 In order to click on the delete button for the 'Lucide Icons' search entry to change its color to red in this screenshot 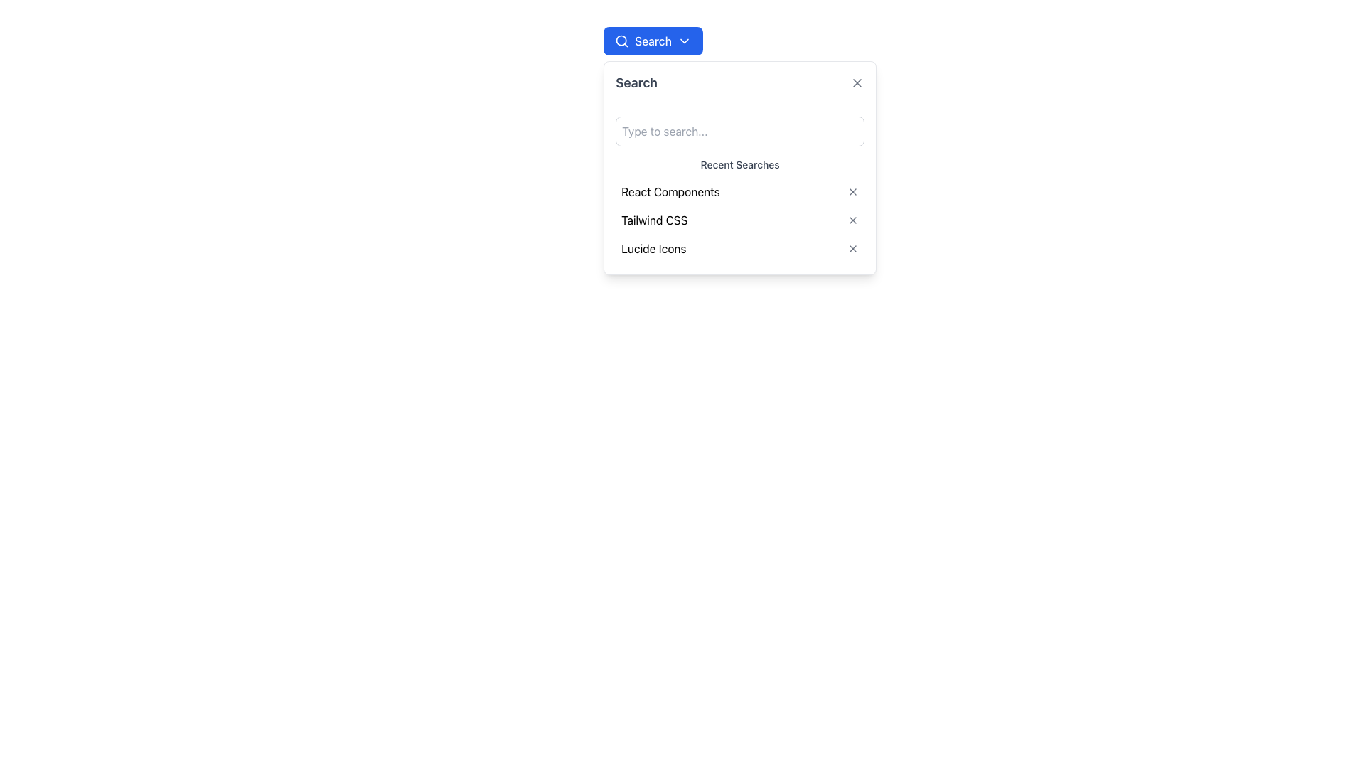, I will do `click(853, 248)`.